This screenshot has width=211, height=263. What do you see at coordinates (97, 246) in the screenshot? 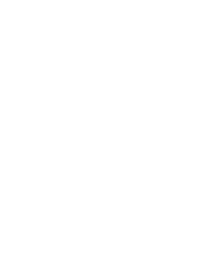
I see `'Published: 10/05/2023'` at bounding box center [97, 246].